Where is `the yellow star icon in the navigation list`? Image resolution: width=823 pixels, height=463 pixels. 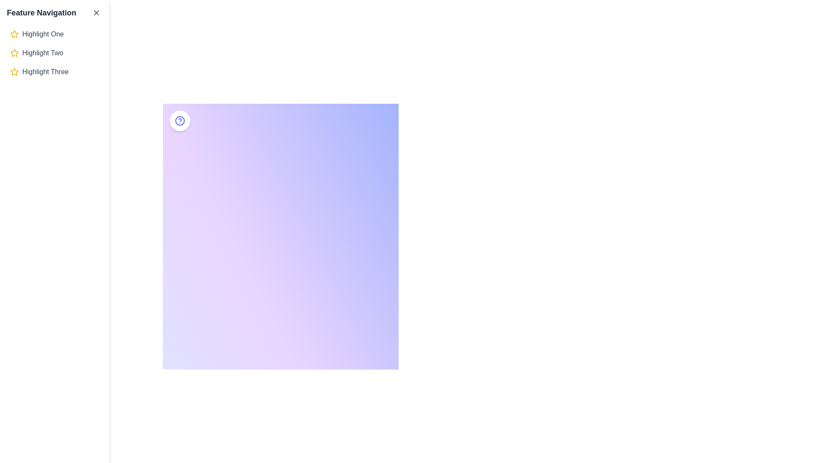 the yellow star icon in the navigation list is located at coordinates (14, 53).